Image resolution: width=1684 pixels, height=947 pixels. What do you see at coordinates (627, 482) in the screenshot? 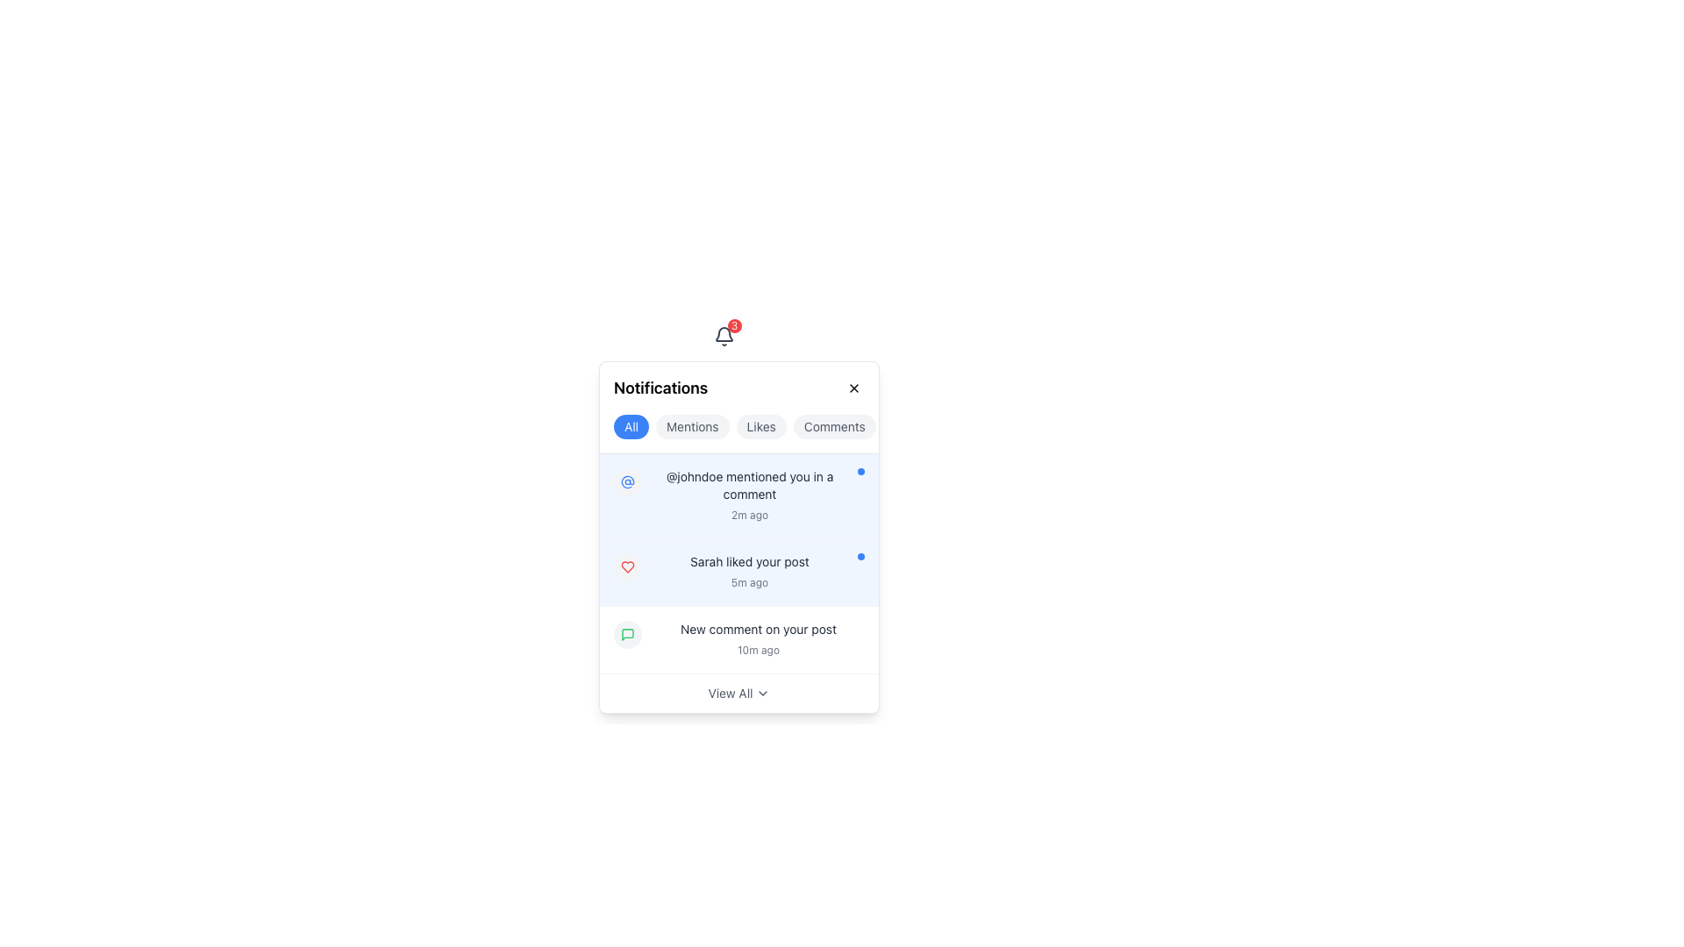
I see `the blue '@' icon located on a light gray circular background at the top-left section of the notification card by clicking on it` at bounding box center [627, 482].